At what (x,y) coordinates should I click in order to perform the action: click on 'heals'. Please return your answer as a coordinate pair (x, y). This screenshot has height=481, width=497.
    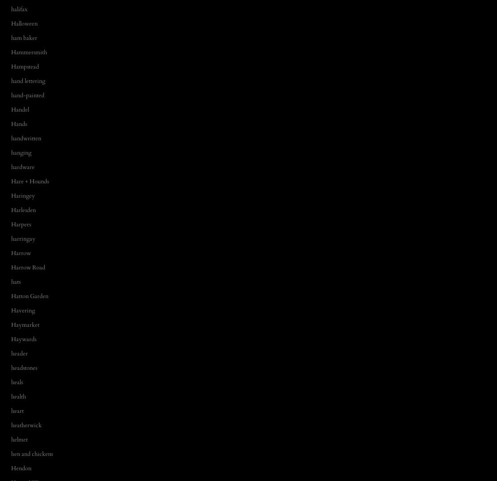
    Looking at the image, I should click on (17, 381).